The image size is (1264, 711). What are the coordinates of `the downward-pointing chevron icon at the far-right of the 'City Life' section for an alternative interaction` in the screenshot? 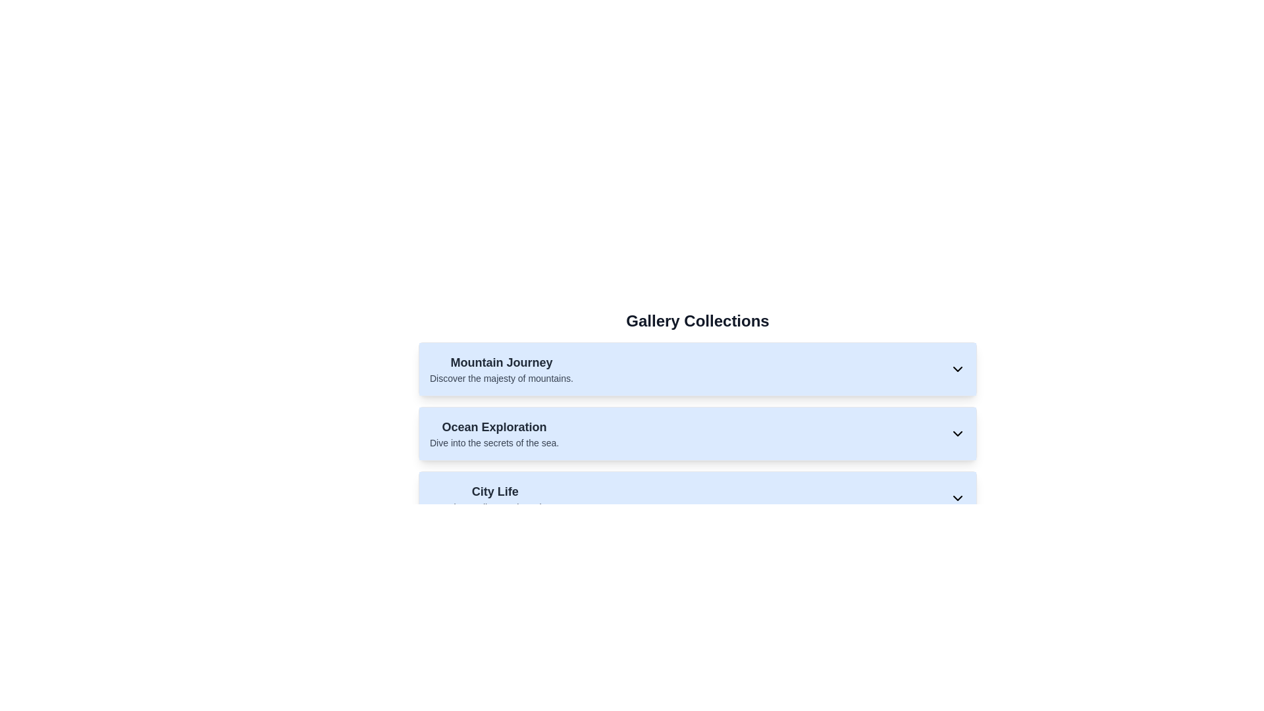 It's located at (957, 498).